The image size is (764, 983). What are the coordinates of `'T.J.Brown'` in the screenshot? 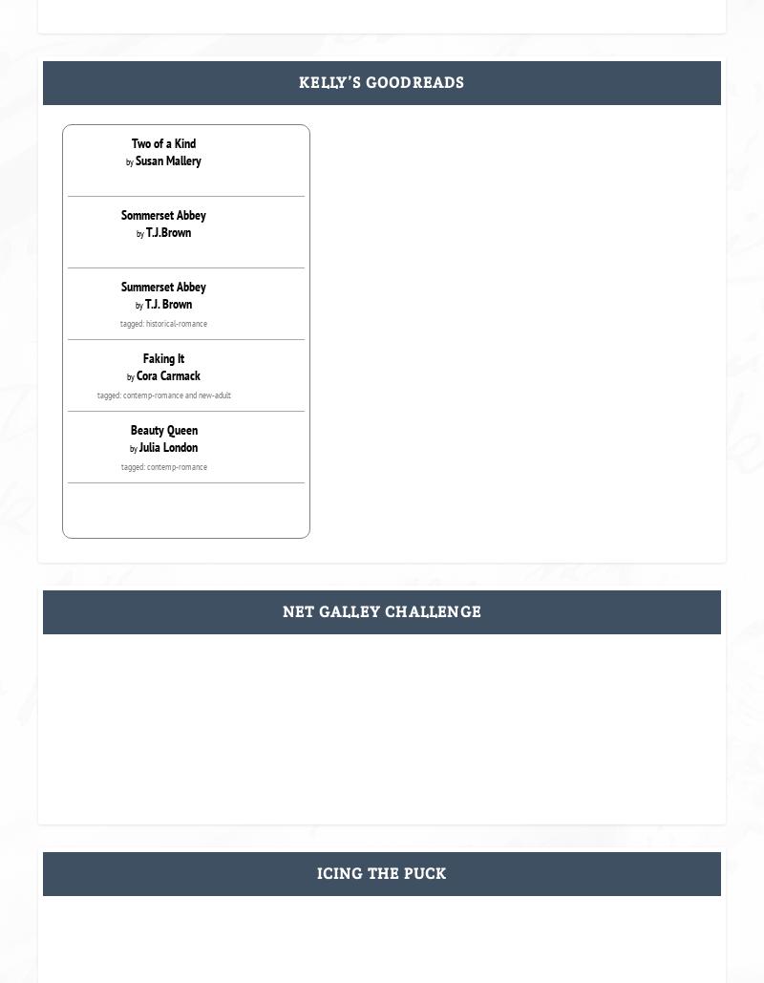 It's located at (167, 231).